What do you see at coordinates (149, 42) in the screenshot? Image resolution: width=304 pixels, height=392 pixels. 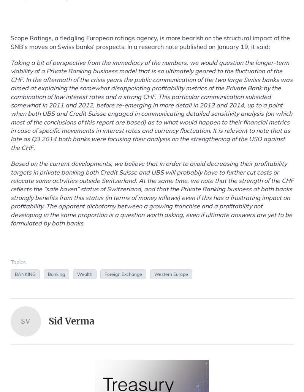 I see `'Scope Ratings, a fledgling European ratings agency, is more bearish on the structural impact of the SNB’s moves on Swiss banks’ prospects. In a research note published on January 19, it said:'` at bounding box center [149, 42].